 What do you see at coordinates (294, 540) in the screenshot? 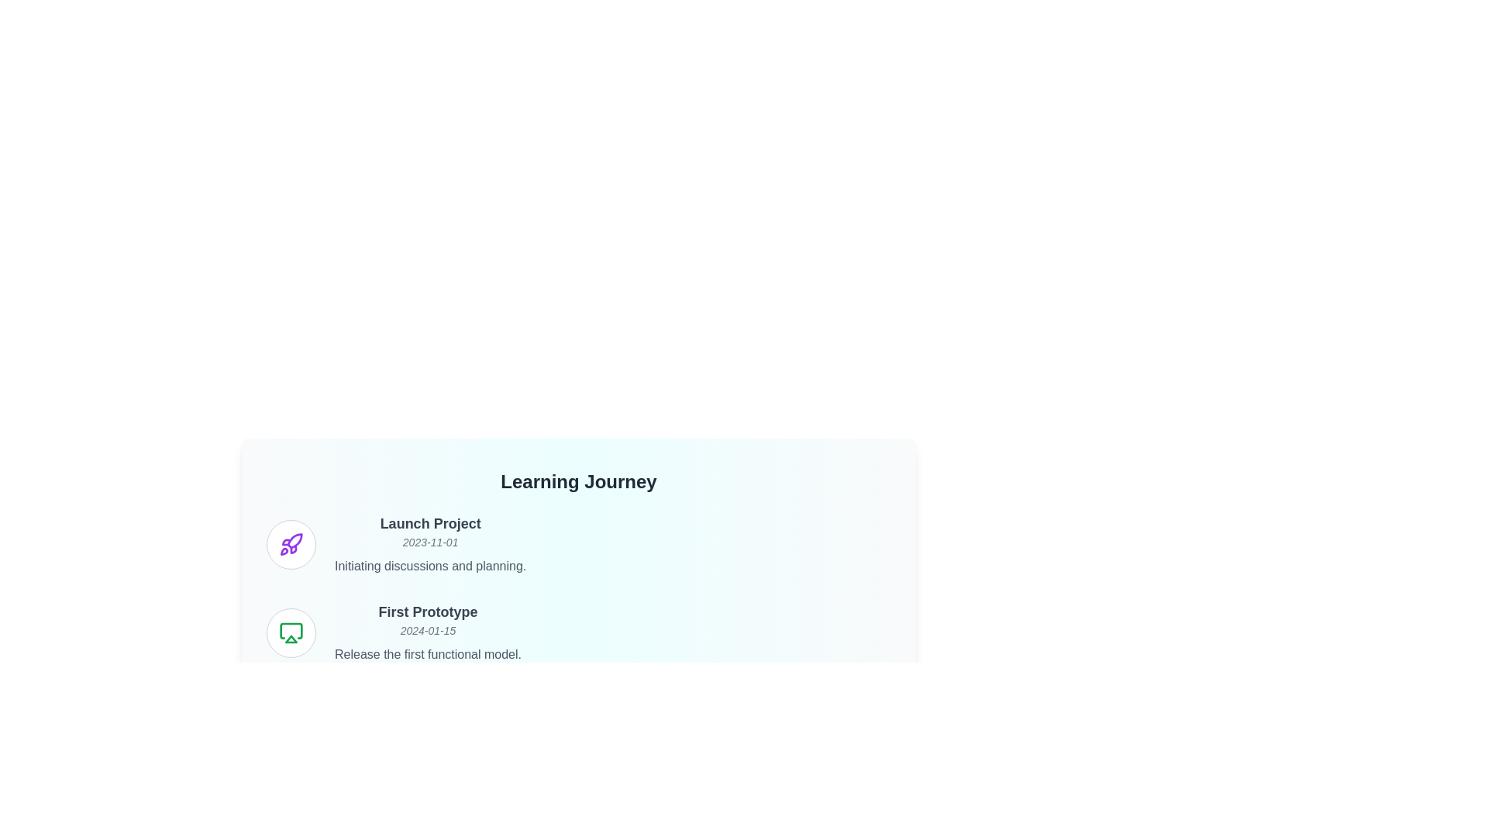
I see `the purple outline of the rocket's main body, which is part of the stylized rocket icon located to the left of the 'Launch Project' text` at bounding box center [294, 540].